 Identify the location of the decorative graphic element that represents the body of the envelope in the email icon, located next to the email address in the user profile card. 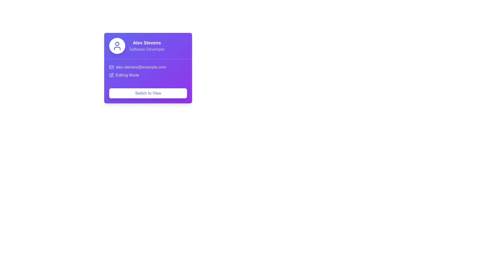
(111, 67).